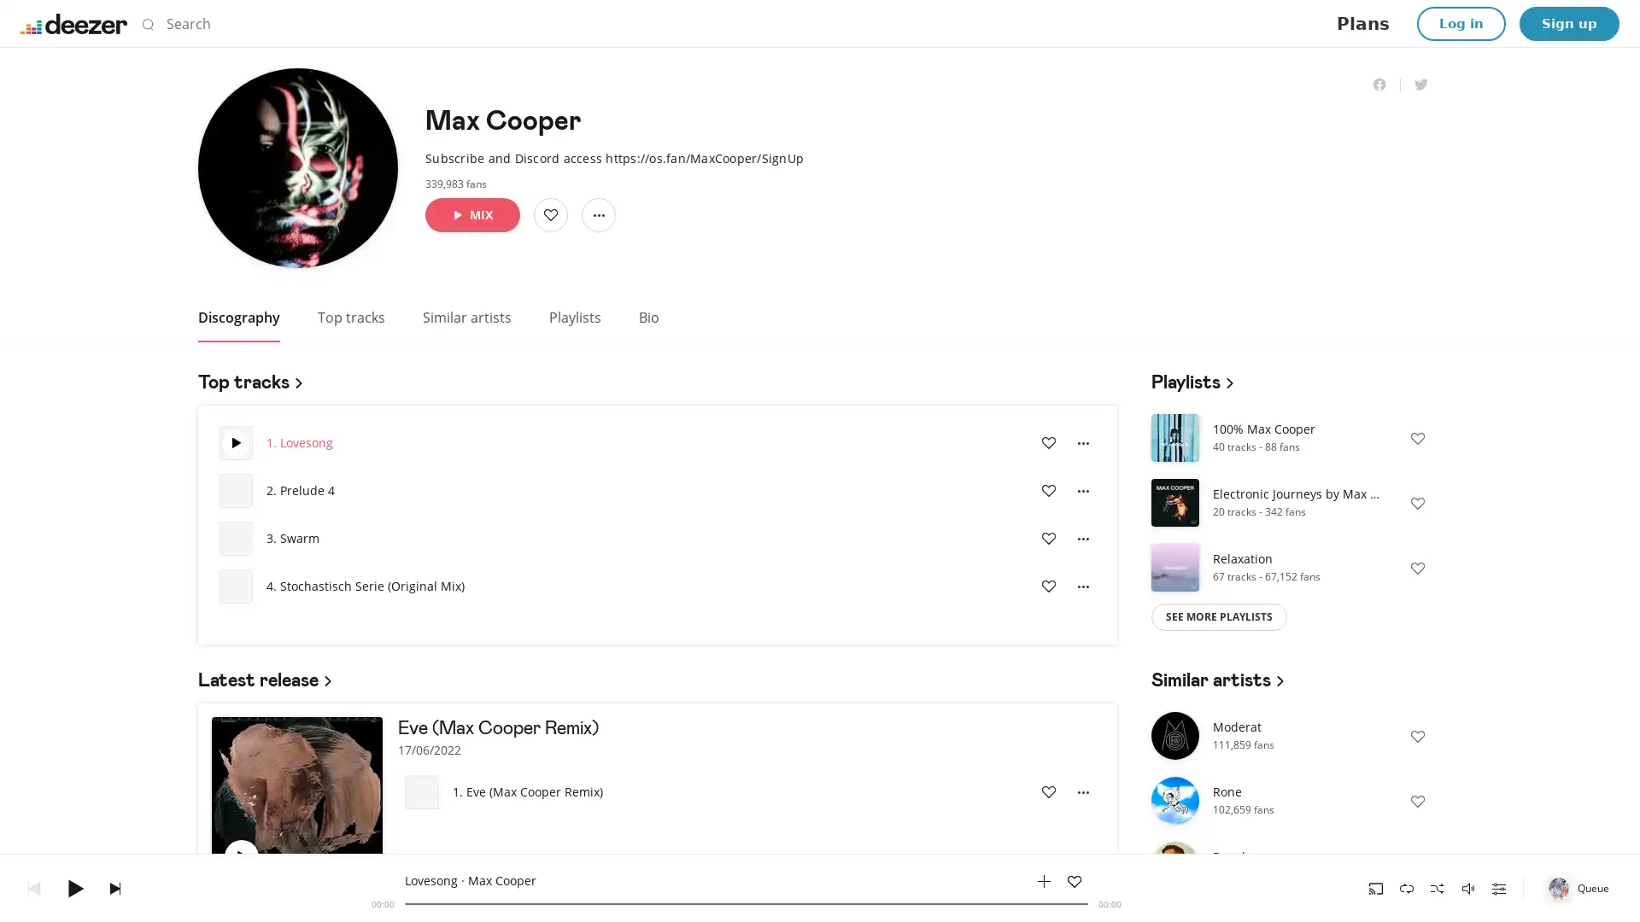 The width and height of the screenshot is (1640, 922). What do you see at coordinates (1048, 442) in the screenshot?
I see `Add to favourite tracks` at bounding box center [1048, 442].